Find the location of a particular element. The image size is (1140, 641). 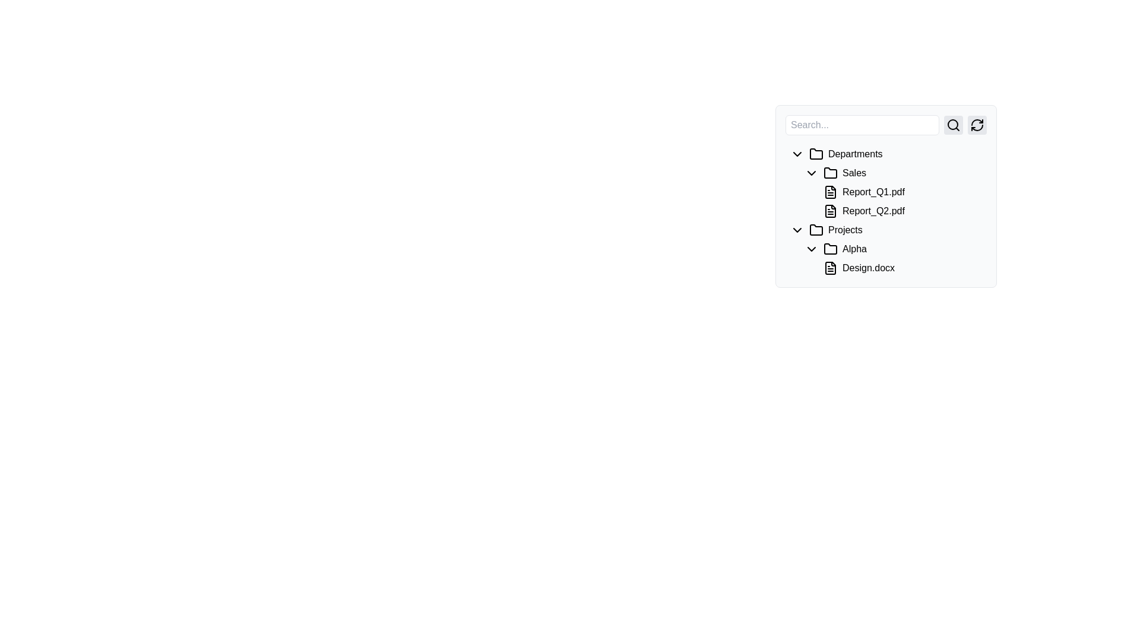

the search button located immediately to the right of the search input field to initiate a search query is located at coordinates (954, 125).